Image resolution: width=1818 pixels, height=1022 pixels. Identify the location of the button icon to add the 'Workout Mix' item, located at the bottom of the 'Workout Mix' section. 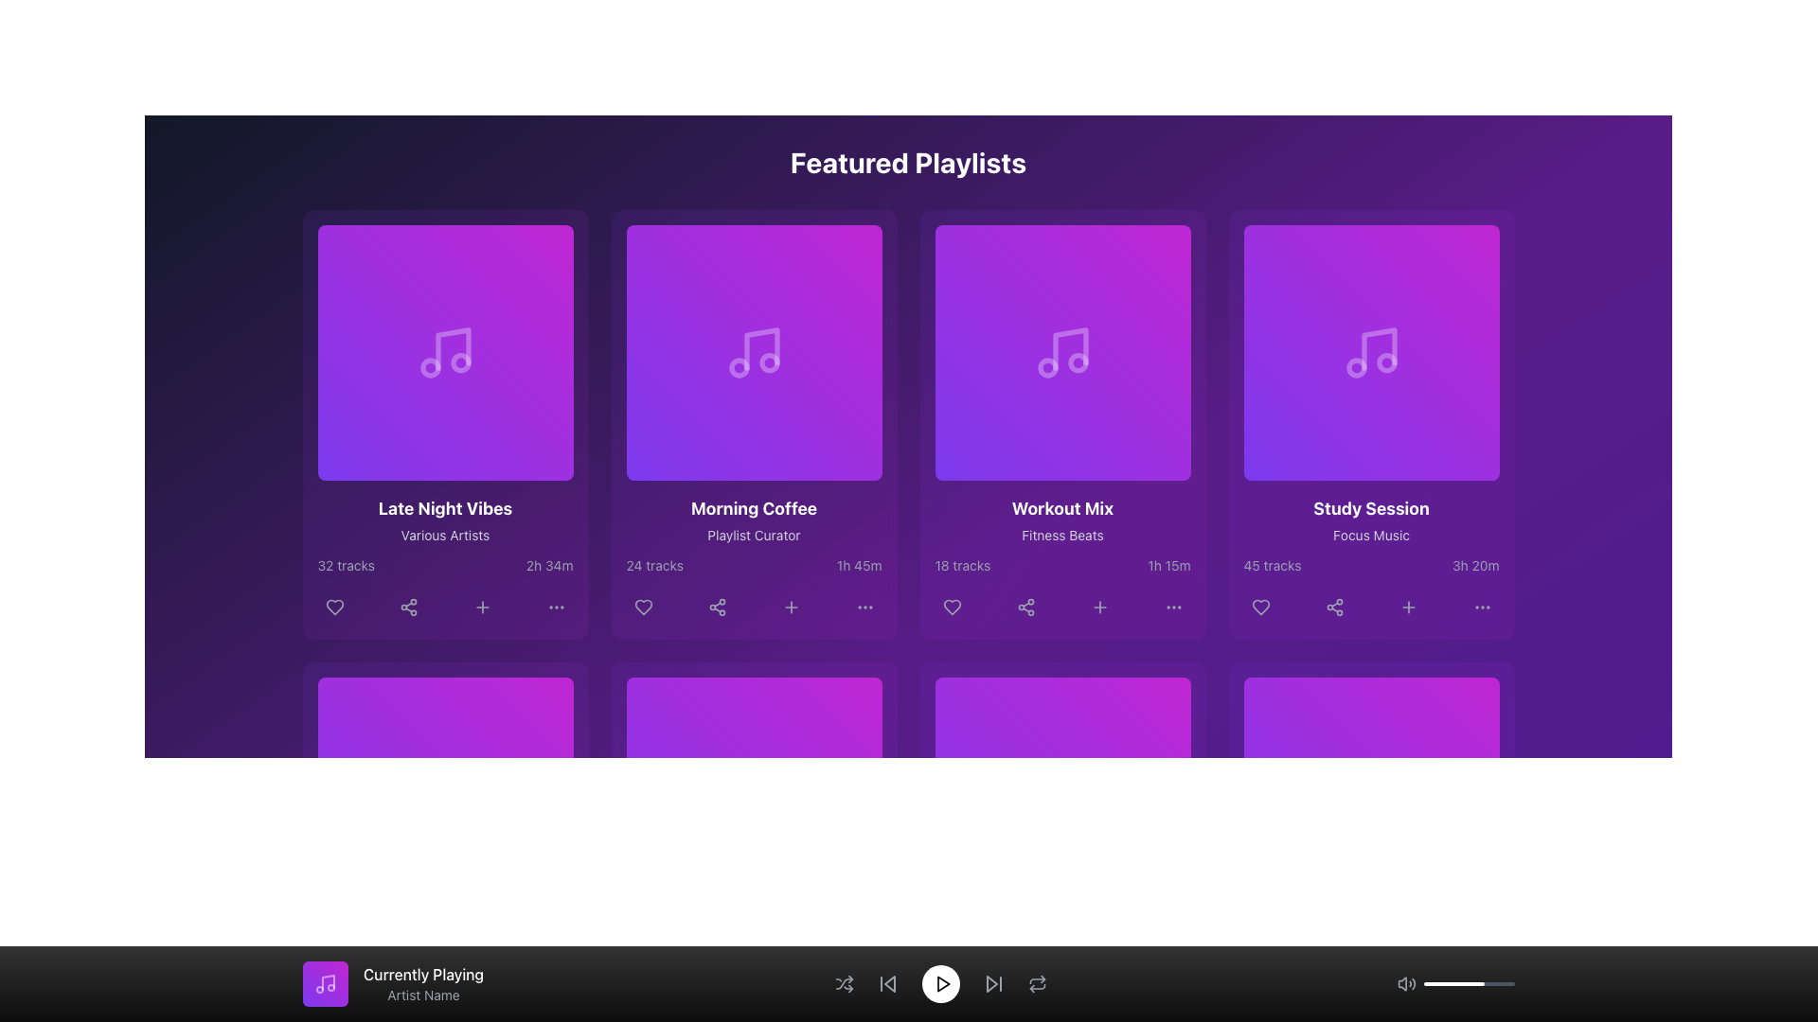
(1099, 607).